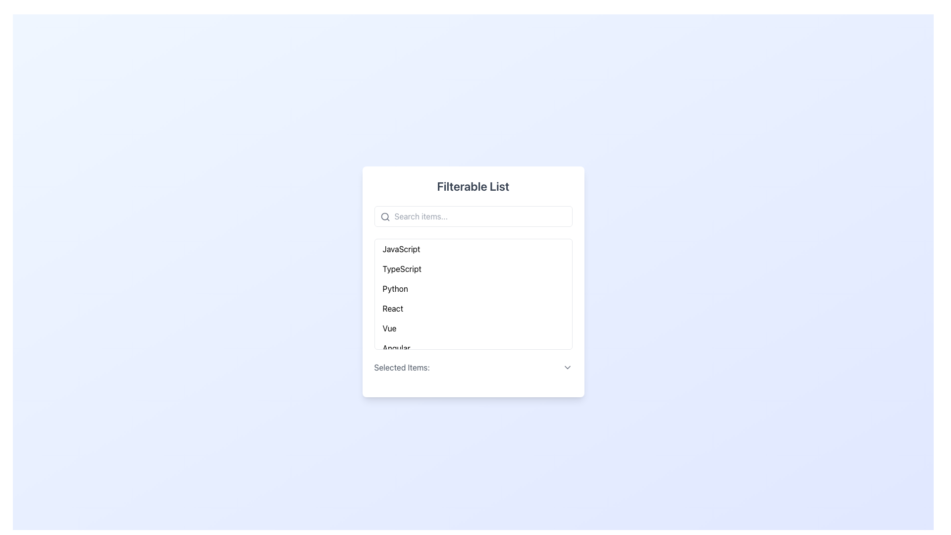 The image size is (951, 535). Describe the element at coordinates (473, 248) in the screenshot. I see `the 'JavaScript' dropdown menu option, which is the first element in the scrollable dropdown menu located under the search input field` at that location.